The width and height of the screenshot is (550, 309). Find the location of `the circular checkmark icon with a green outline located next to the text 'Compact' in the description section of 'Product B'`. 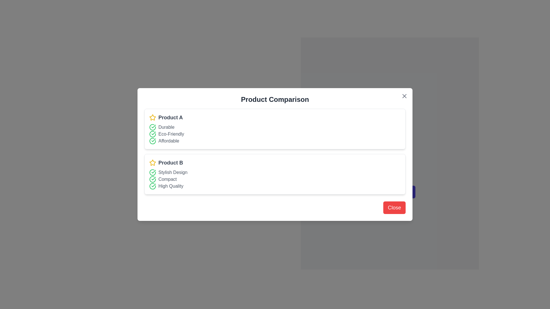

the circular checkmark icon with a green outline located next to the text 'Compact' in the description section of 'Product B' is located at coordinates (152, 179).